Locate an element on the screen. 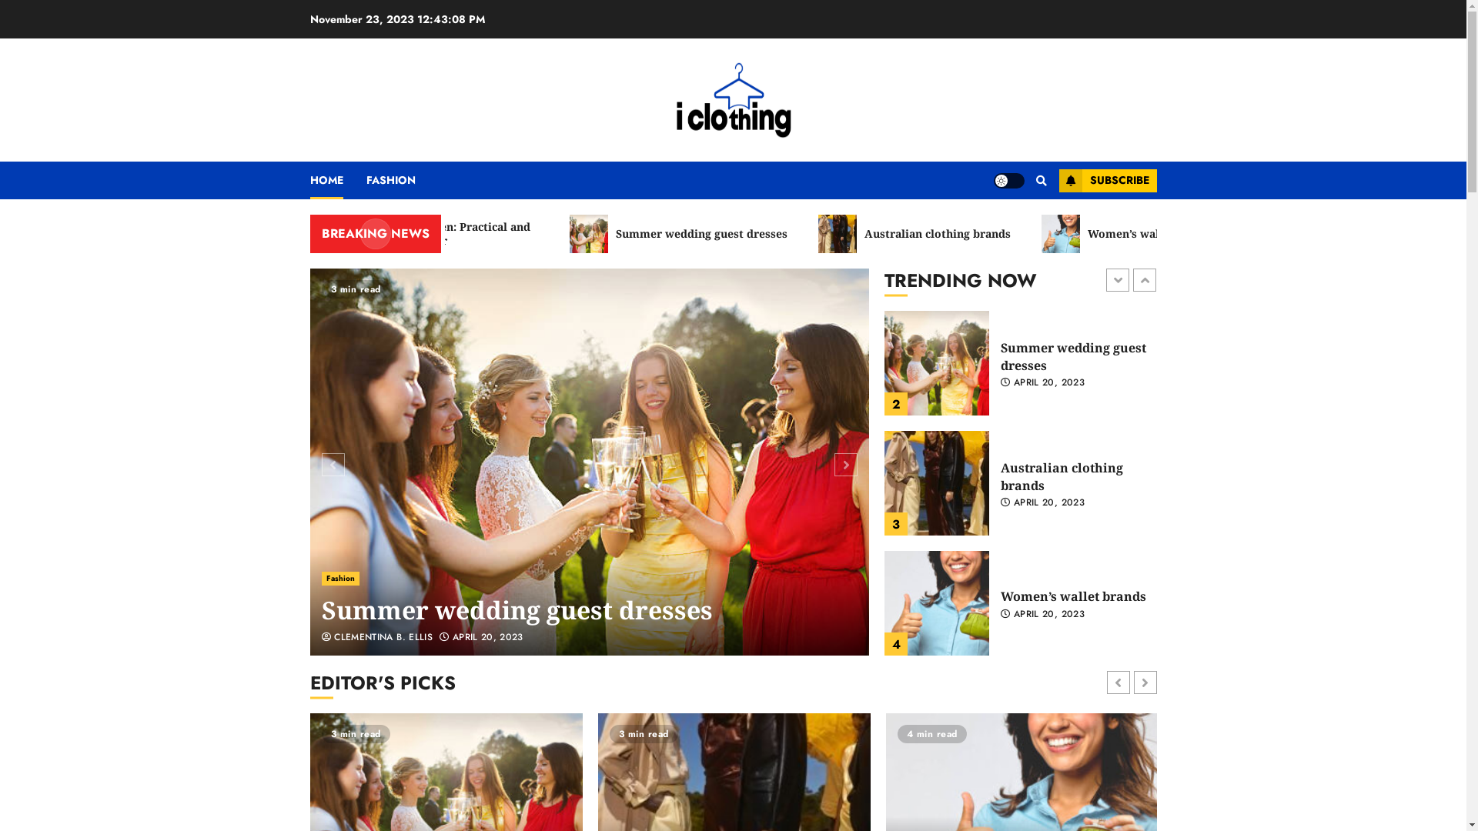 The image size is (1478, 831). 'Summer wedding guest dresses' is located at coordinates (588, 461).